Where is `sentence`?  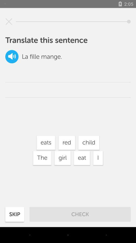
sentence is located at coordinates (9, 22).